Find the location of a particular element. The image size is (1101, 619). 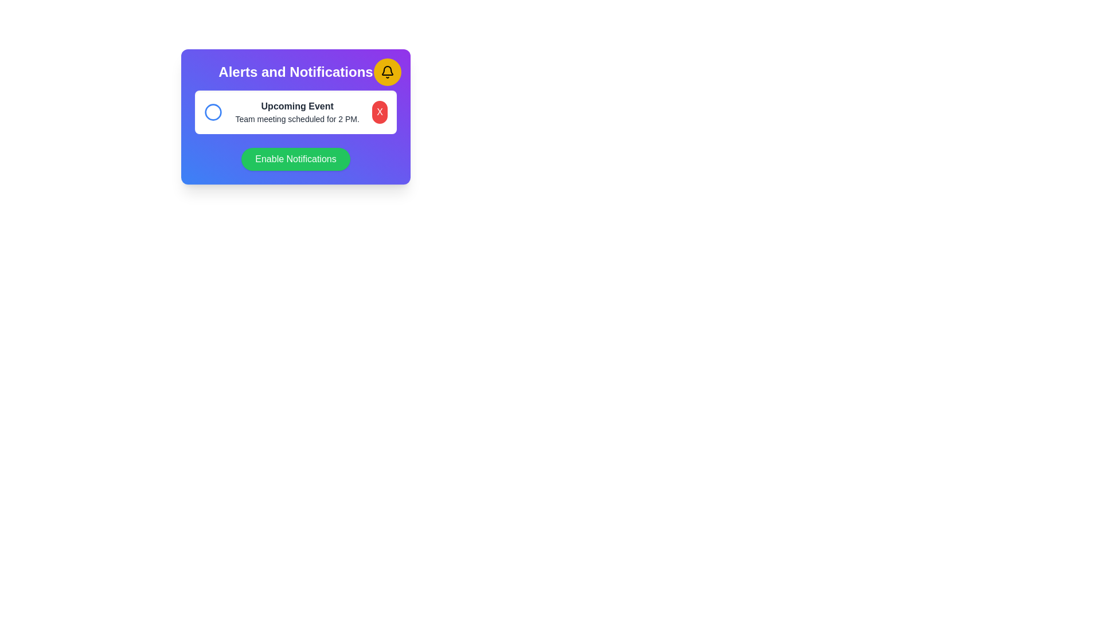

text content of the title text label located at the top of the notification panel, which provides a brief subject for the upcoming event is located at coordinates (297, 106).